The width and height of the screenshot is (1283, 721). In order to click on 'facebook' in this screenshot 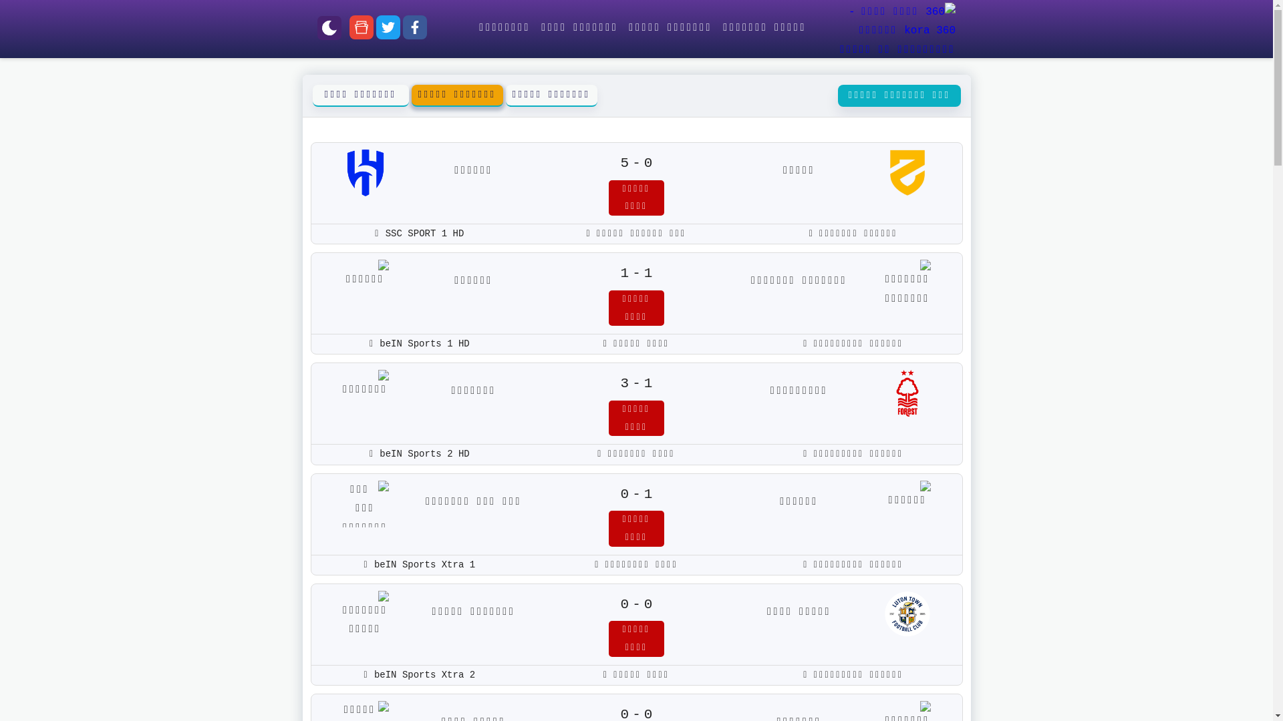, I will do `click(402, 30)`.